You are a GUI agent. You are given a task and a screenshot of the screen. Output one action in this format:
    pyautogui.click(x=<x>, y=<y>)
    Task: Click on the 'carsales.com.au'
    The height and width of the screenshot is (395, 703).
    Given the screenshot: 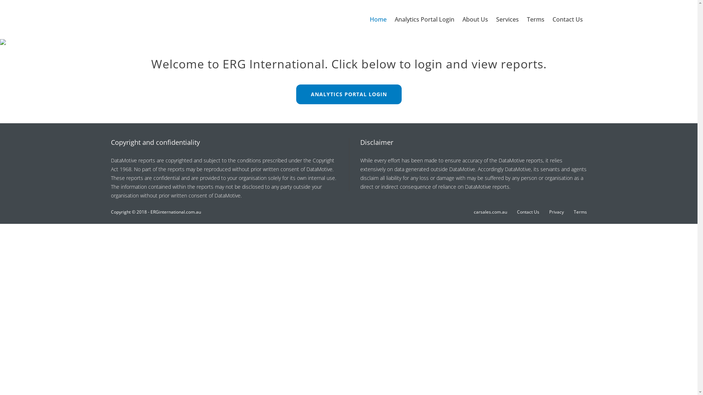 What is the action you would take?
    pyautogui.click(x=490, y=212)
    